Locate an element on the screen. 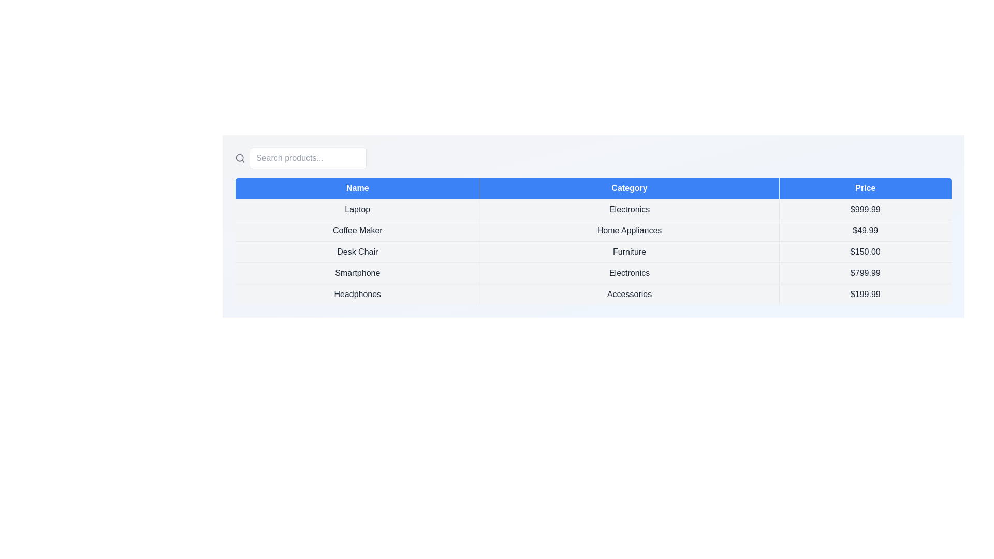 The width and height of the screenshot is (994, 559). the last row of the table containing 'Headphones', 'Accessories', and '$199.99' is located at coordinates (593, 295).